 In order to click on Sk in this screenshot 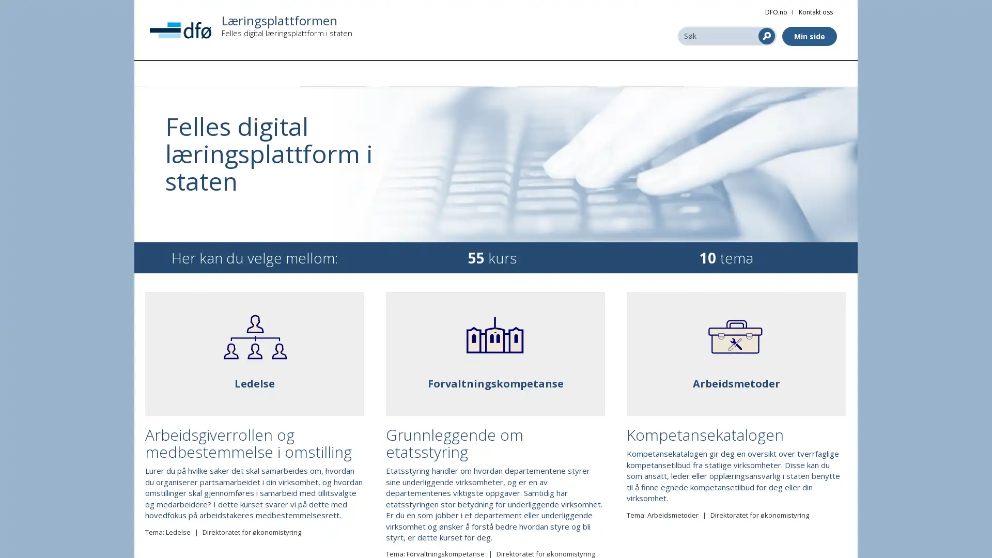, I will do `click(766, 35)`.